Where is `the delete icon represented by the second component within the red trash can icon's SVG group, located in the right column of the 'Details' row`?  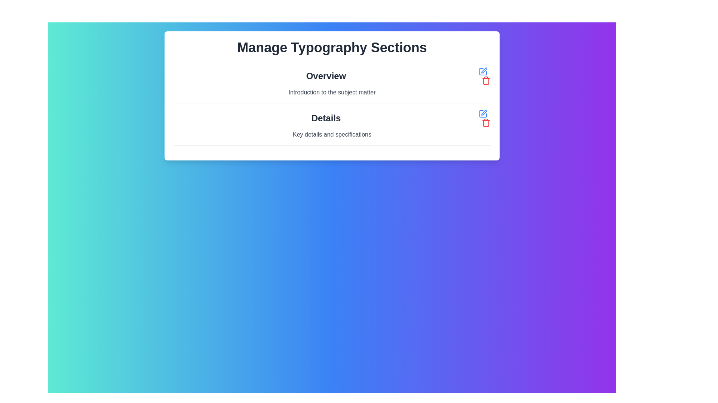
the delete icon represented by the second component within the red trash can icon's SVG group, located in the right column of the 'Details' row is located at coordinates (486, 81).